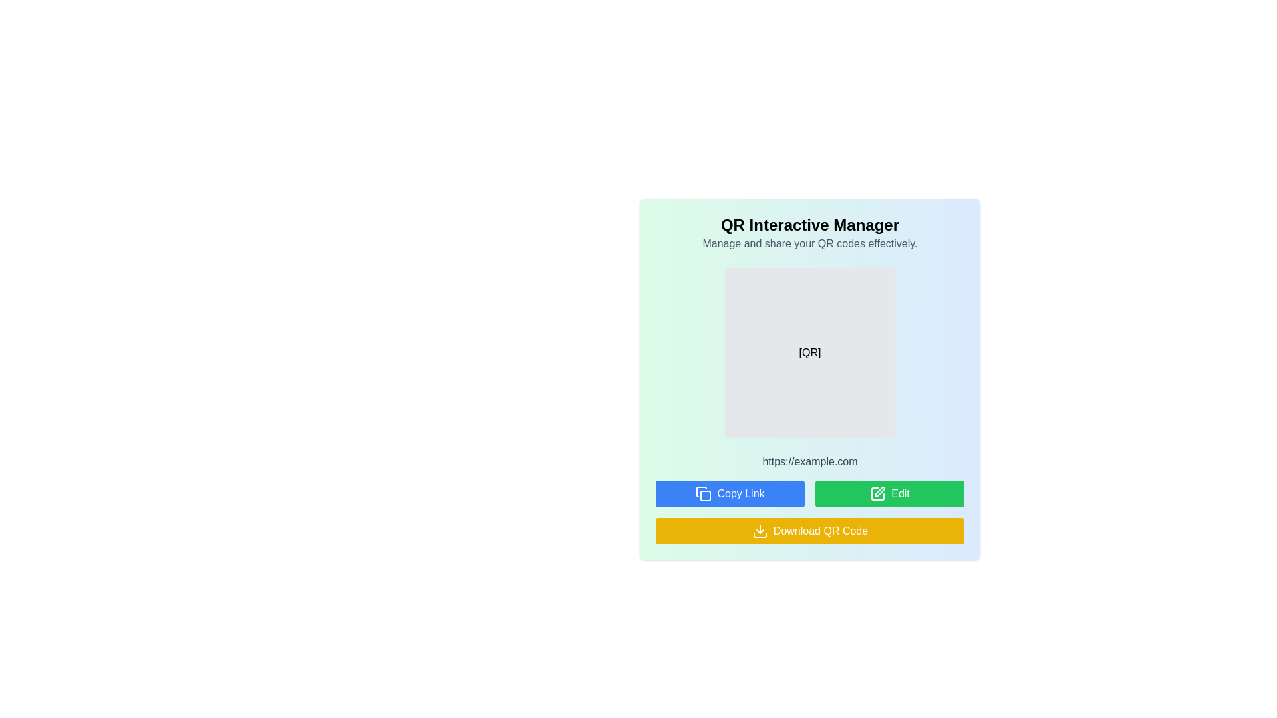  Describe the element at coordinates (701, 492) in the screenshot. I see `the 'Copy Link' graphical icon located within the leftmost button of three horizontally aligned buttons at the bottom of the card` at that location.